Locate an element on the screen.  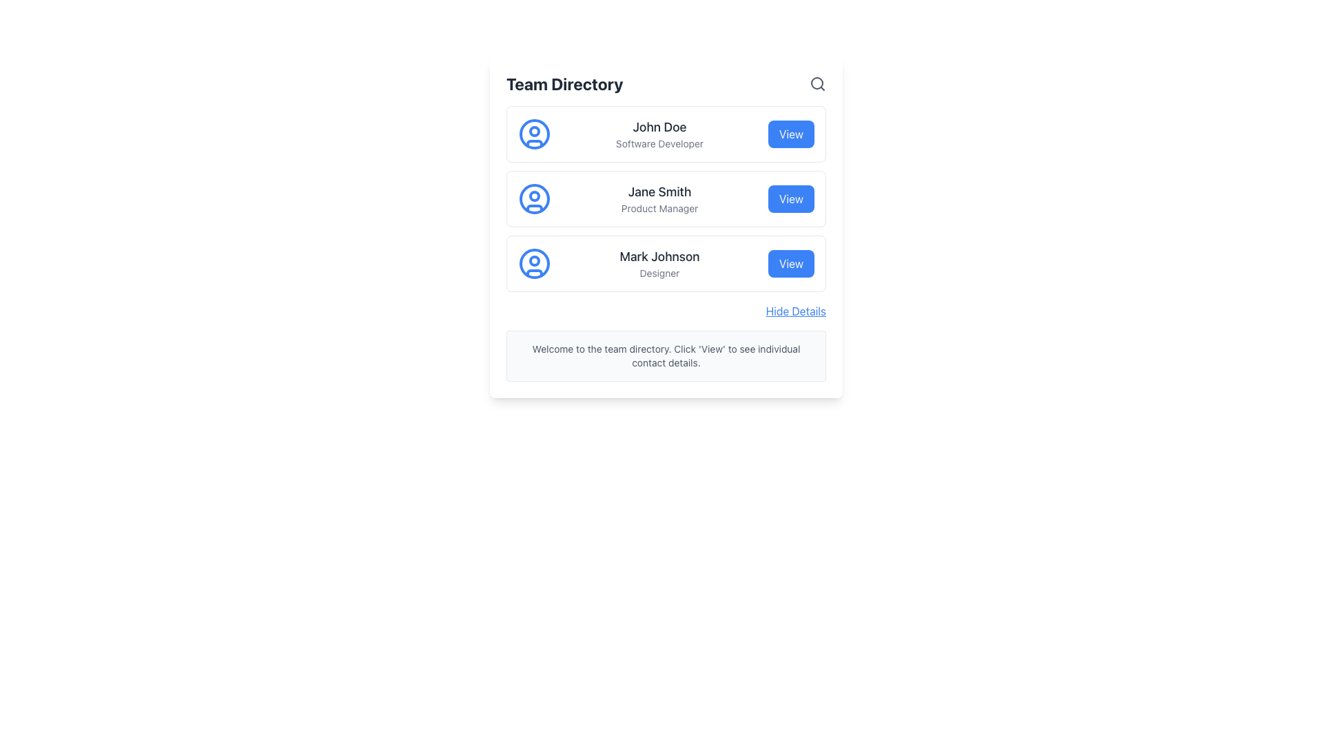
the text block displaying the name 'John Doe' and role 'Software Developer', located to the right of a blue circular user icon and to the left of the 'View' button in the topmost card of the 'Team Directory' is located at coordinates (659, 134).